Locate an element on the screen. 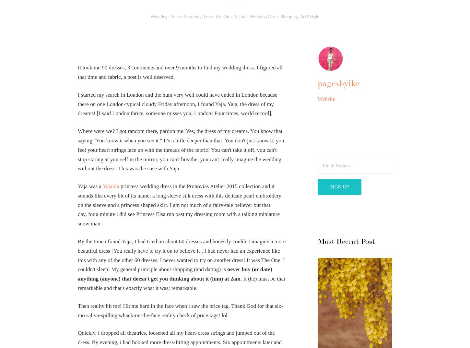 The width and height of the screenshot is (470, 348). 'Website' is located at coordinates (326, 99).